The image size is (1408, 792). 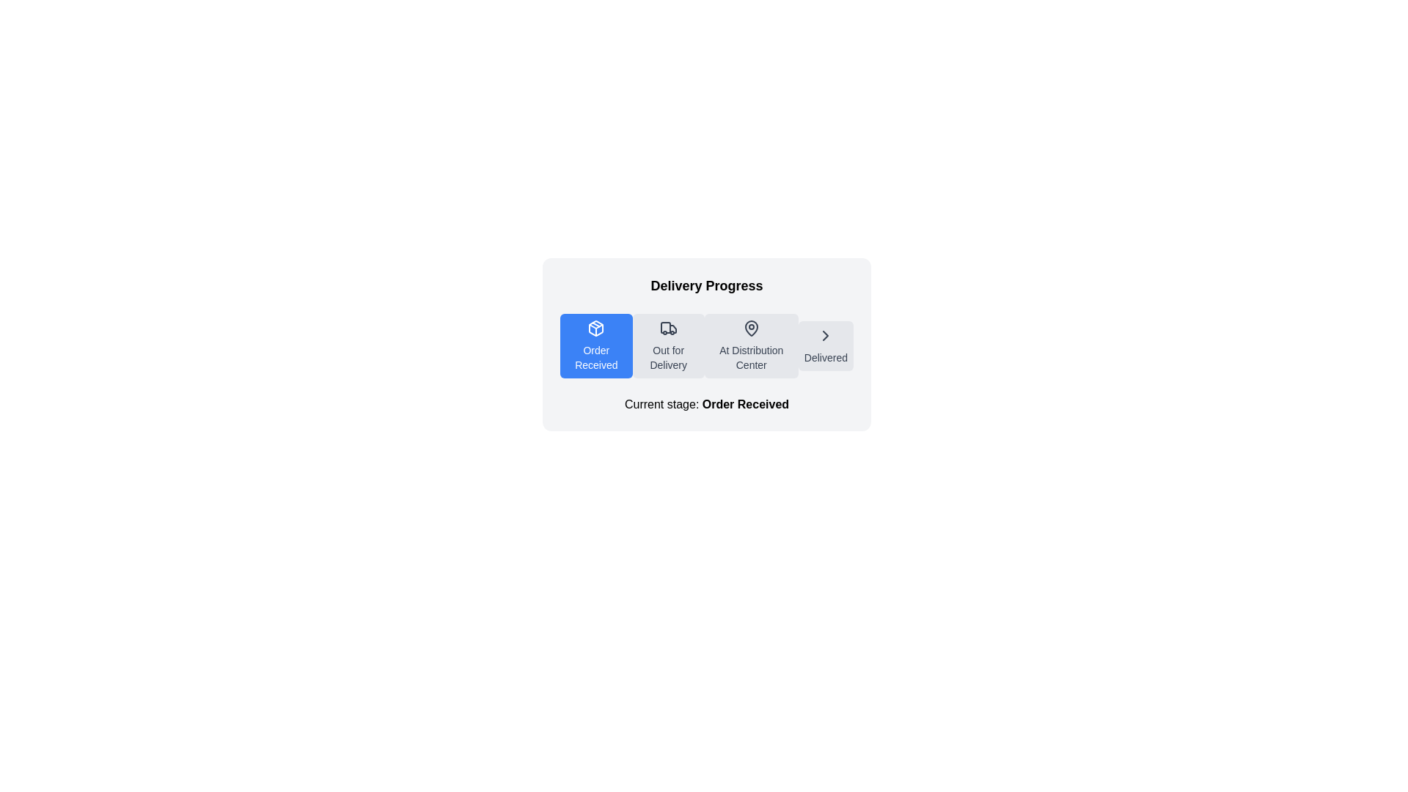 What do you see at coordinates (707, 345) in the screenshot?
I see `the 'Order Received' stage of the Progress Indicator with Interactive Stages` at bounding box center [707, 345].